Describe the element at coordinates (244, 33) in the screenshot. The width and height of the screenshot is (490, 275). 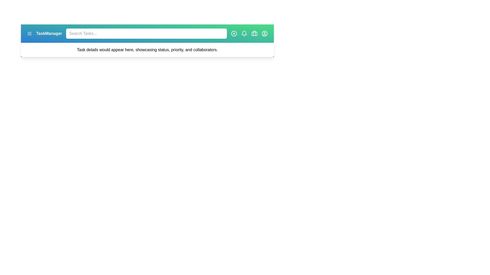
I see `the bell icon to access notifications` at that location.